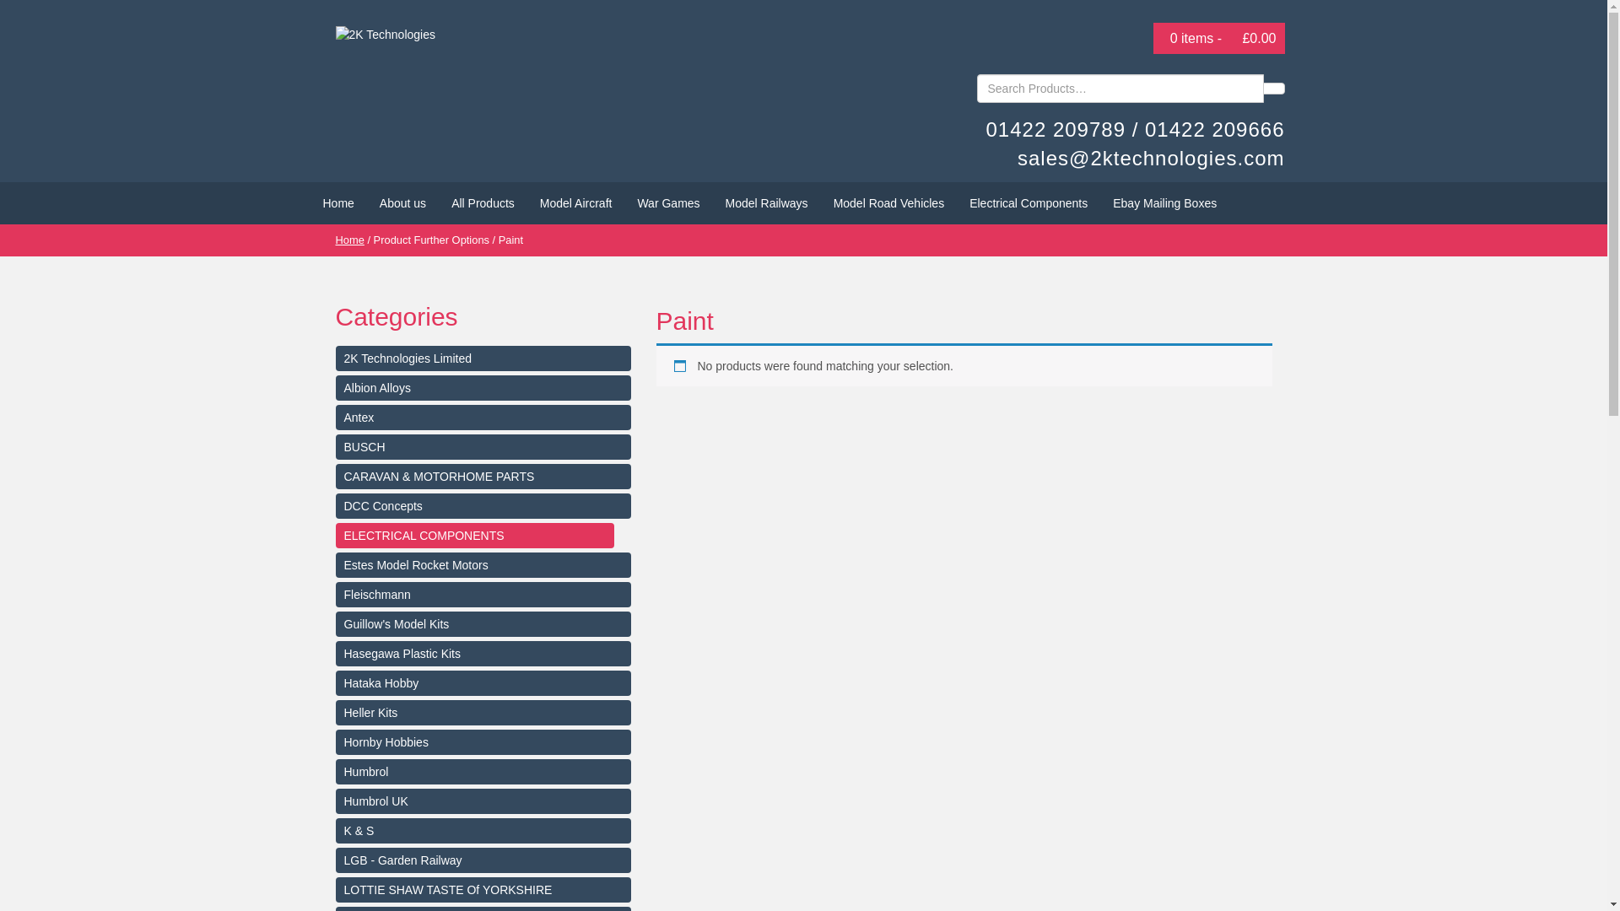 The width and height of the screenshot is (1620, 911). I want to click on 'War Games', so click(667, 202).